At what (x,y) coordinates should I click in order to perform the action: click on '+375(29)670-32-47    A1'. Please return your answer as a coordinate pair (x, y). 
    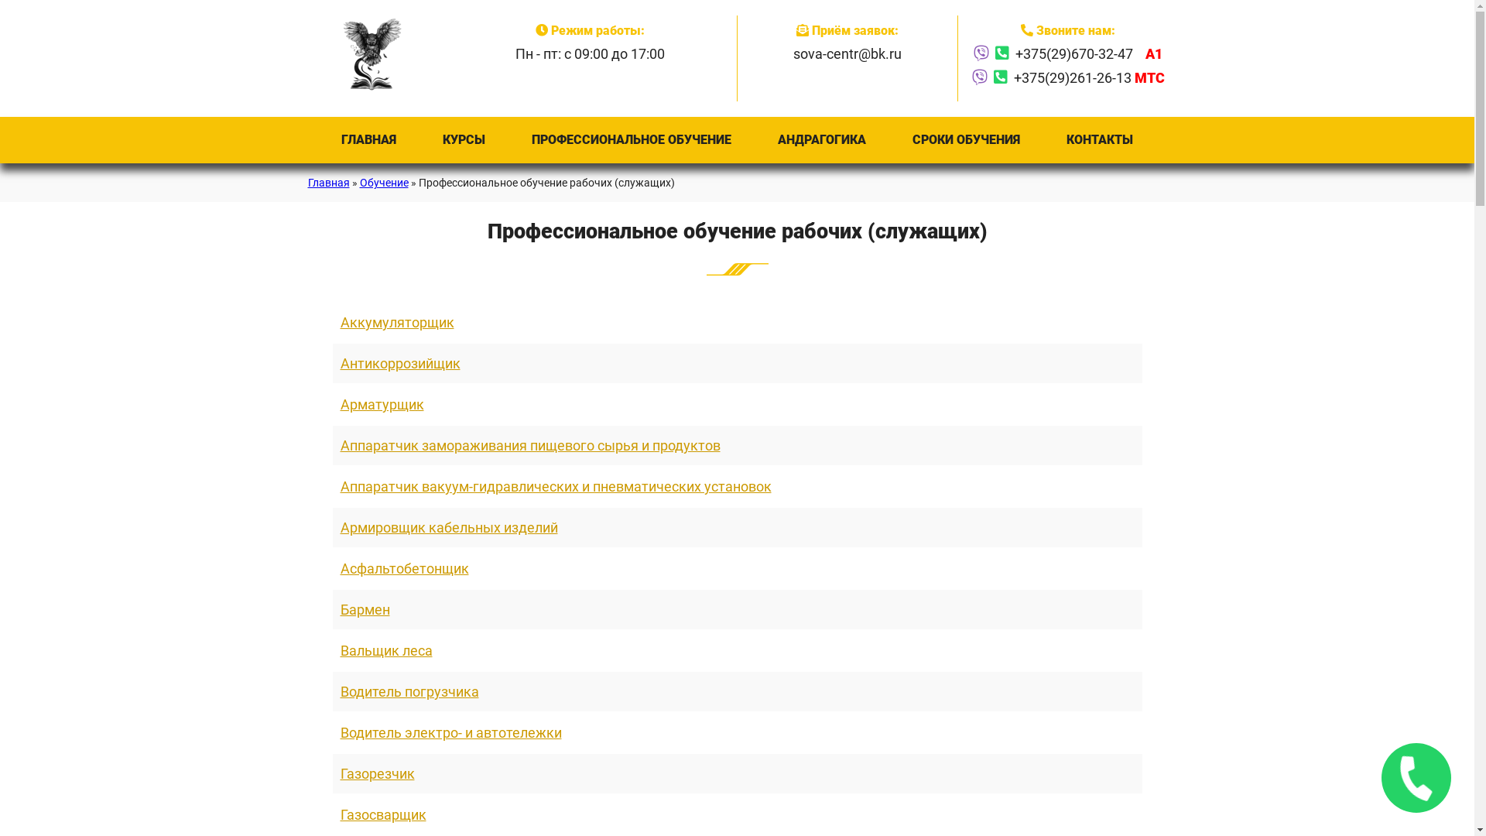
    Looking at the image, I should click on (1087, 53).